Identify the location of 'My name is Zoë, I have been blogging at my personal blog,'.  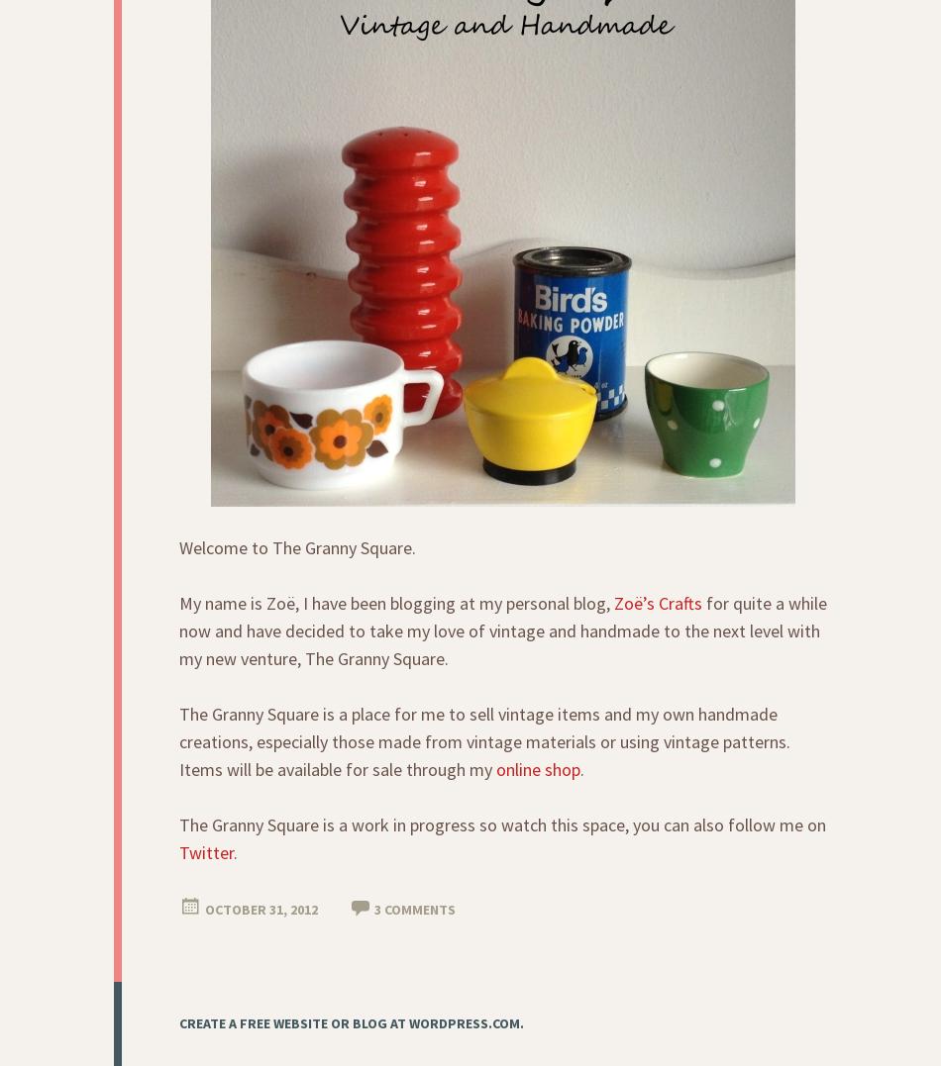
(395, 602).